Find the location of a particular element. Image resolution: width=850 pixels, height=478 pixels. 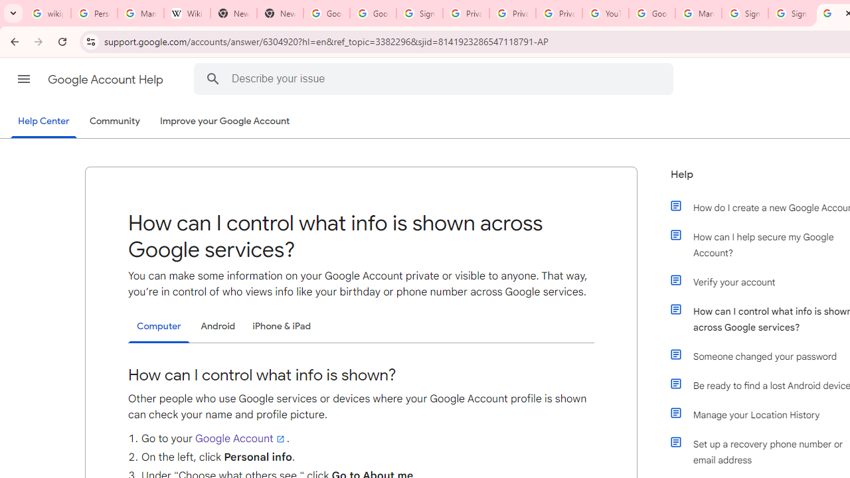

'Android' is located at coordinates (218, 326).